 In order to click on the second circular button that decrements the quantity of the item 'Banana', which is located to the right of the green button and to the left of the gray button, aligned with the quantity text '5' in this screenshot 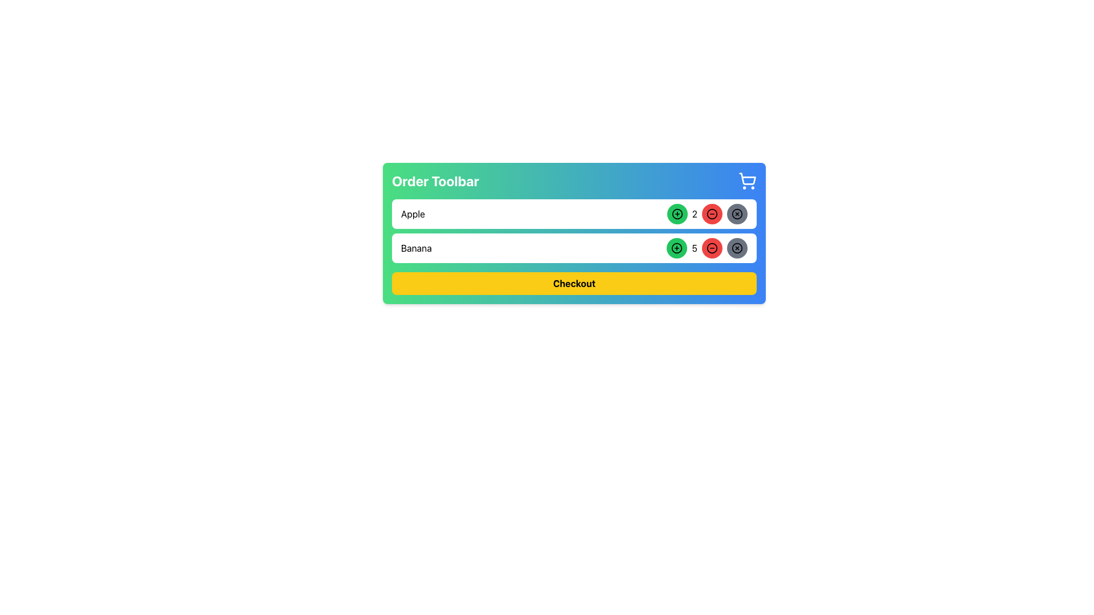, I will do `click(707, 247)`.